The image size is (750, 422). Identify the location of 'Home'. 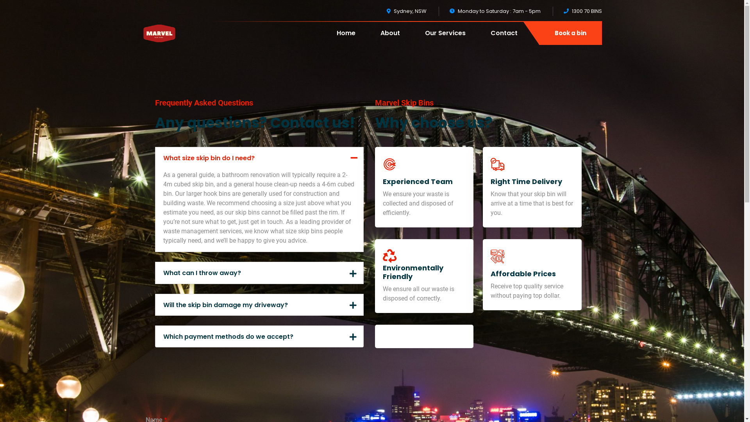
(346, 39).